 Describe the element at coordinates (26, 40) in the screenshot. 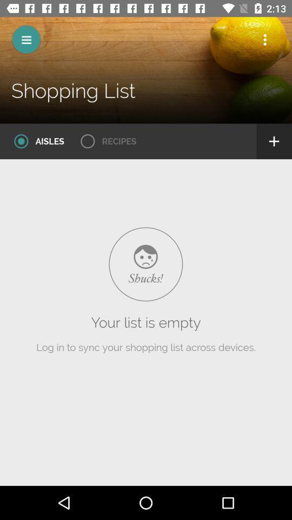

I see `open menu` at that location.